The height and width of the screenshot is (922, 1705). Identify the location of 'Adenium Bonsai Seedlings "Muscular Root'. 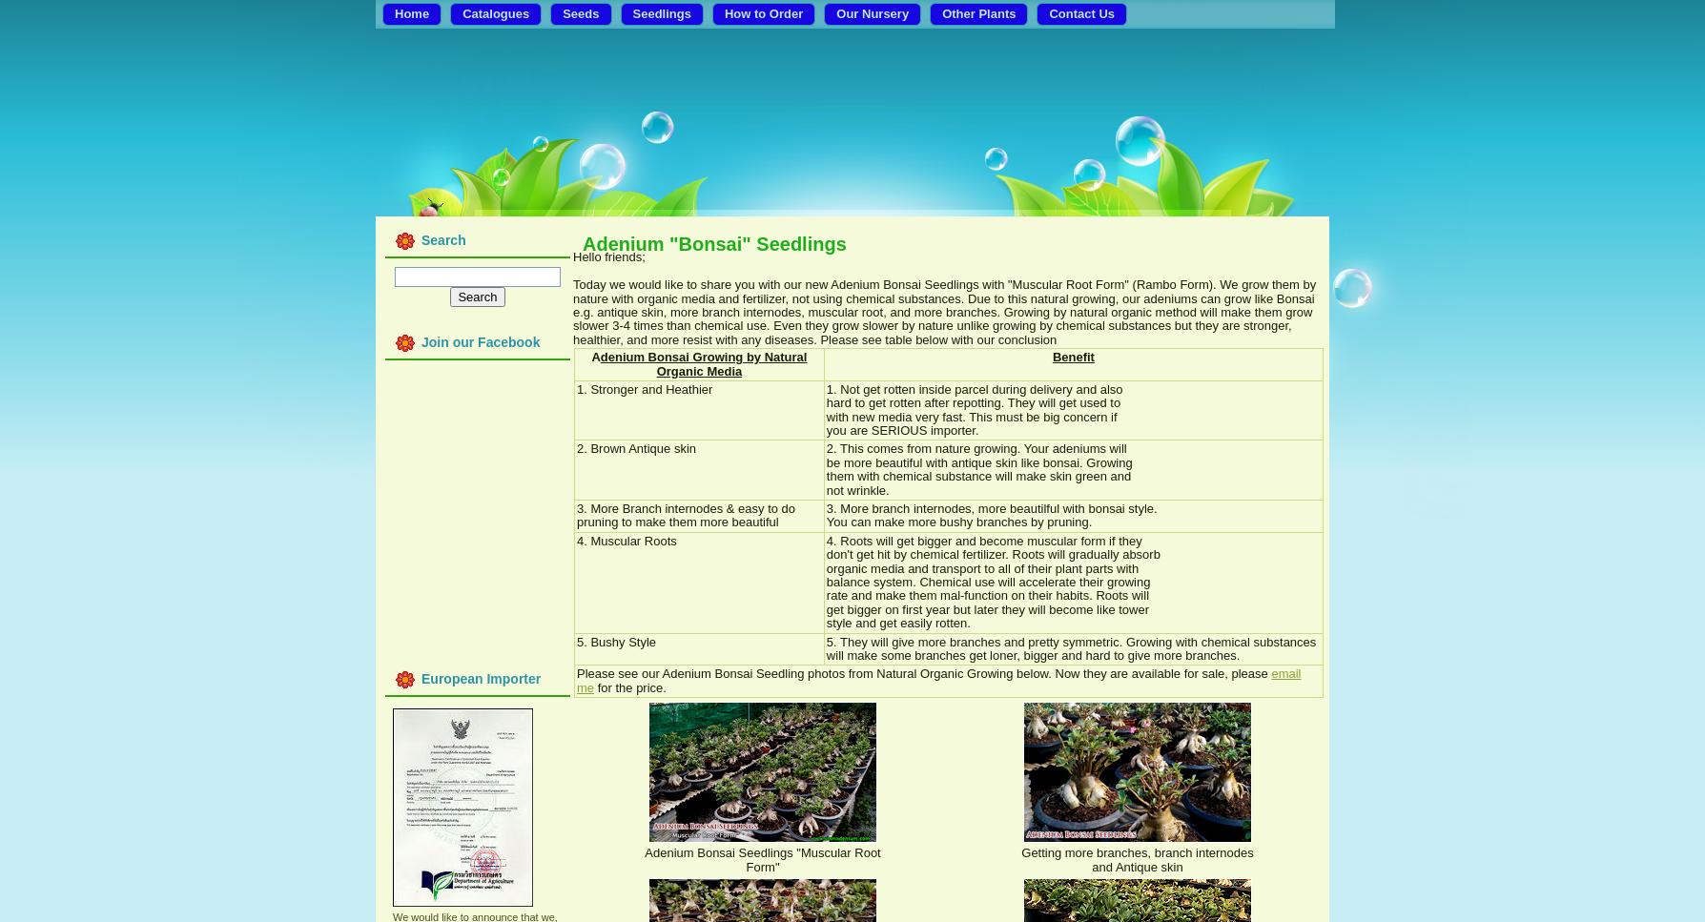
(761, 852).